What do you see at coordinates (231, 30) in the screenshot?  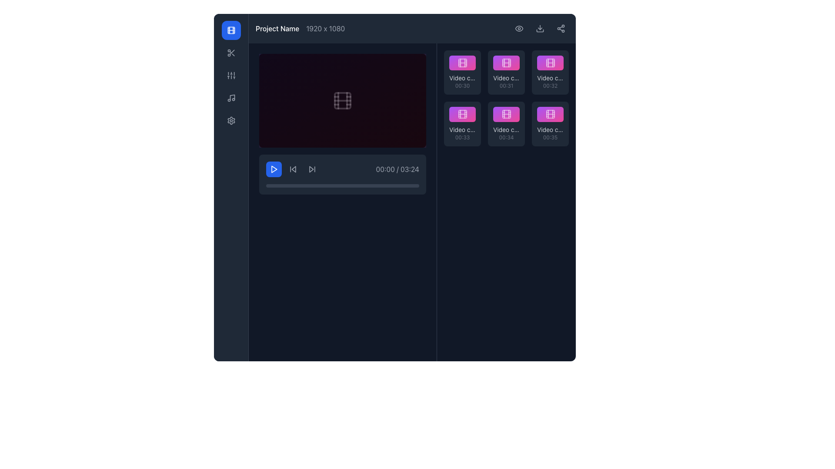 I see `the 'Film' or 'Project' icon button located in the top-left corner of the interface` at bounding box center [231, 30].